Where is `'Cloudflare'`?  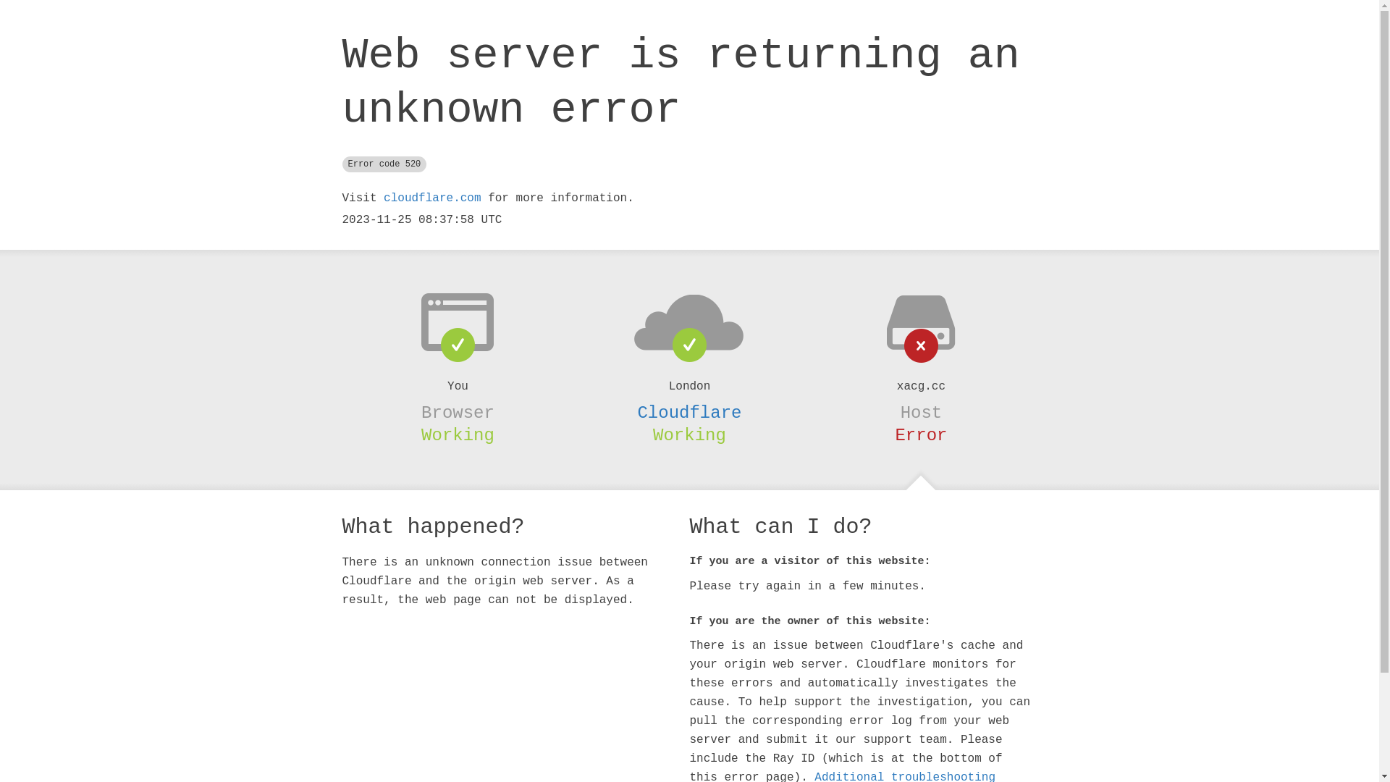 'Cloudflare' is located at coordinates (688, 413).